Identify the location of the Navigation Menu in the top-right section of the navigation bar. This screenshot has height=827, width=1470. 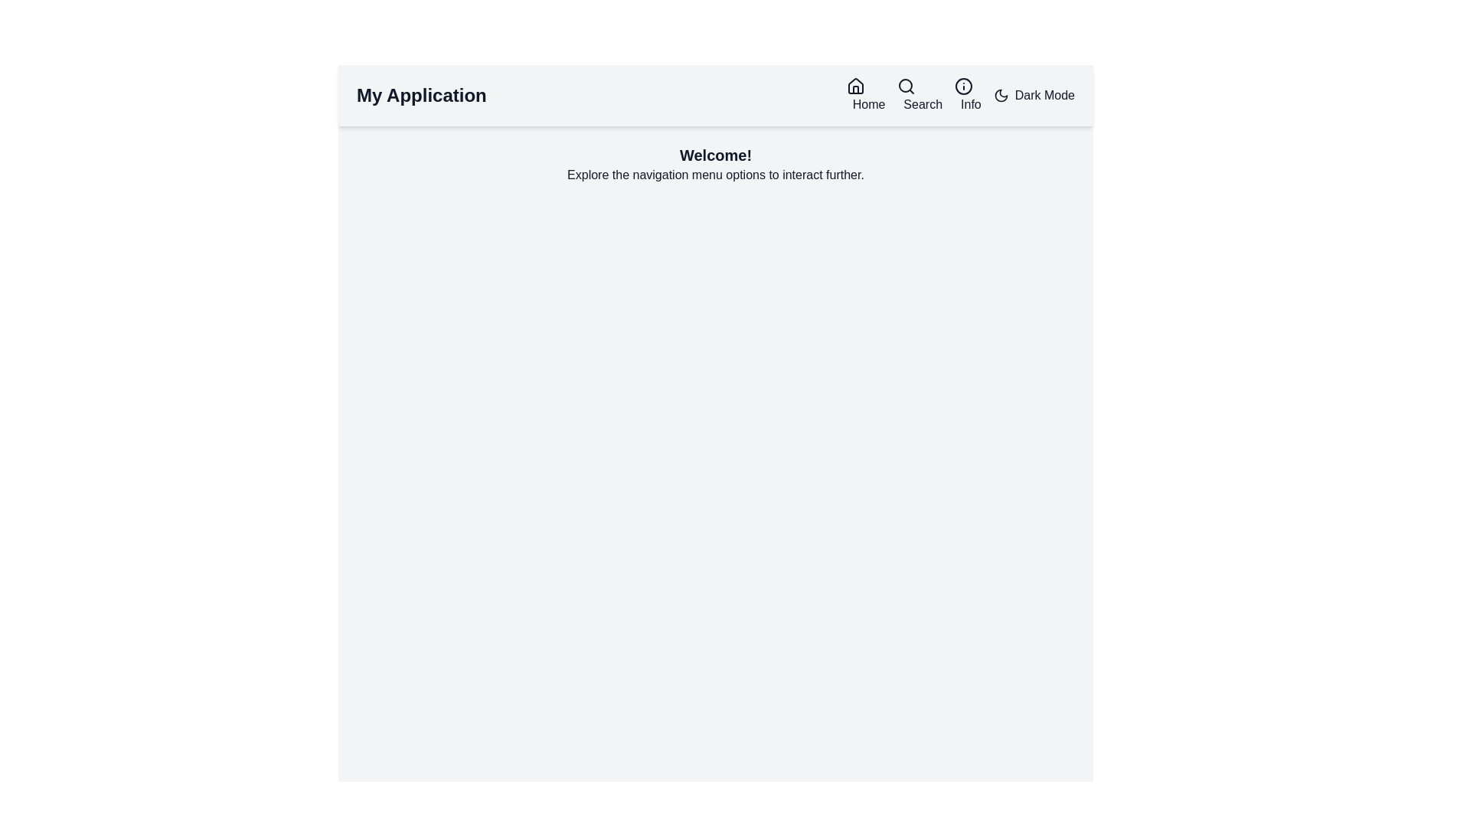
(959, 95).